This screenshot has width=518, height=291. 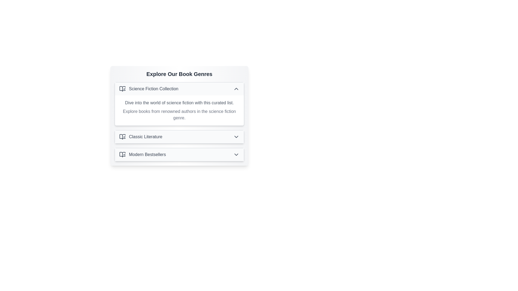 I want to click on the upward-pointing chevron icon styled in gray color, so click(x=236, y=89).